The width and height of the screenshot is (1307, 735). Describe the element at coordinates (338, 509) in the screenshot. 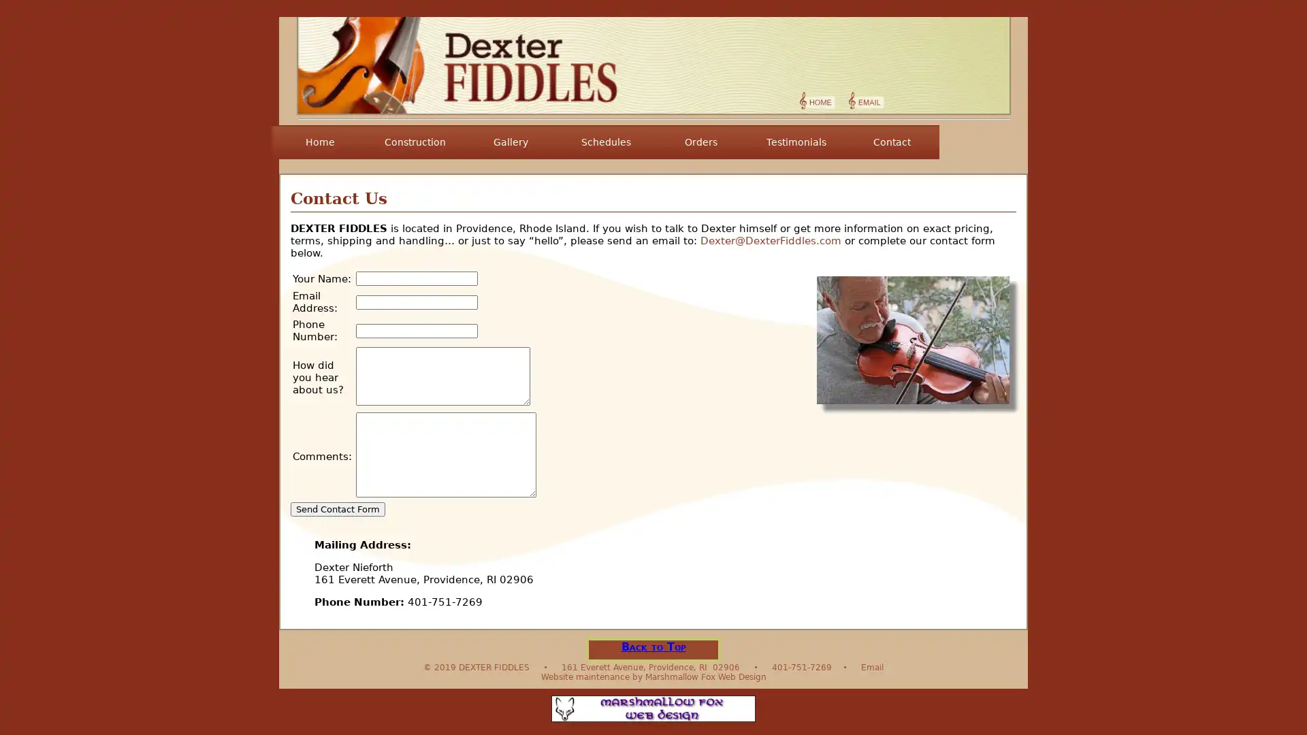

I see `Send Contact Form` at that location.